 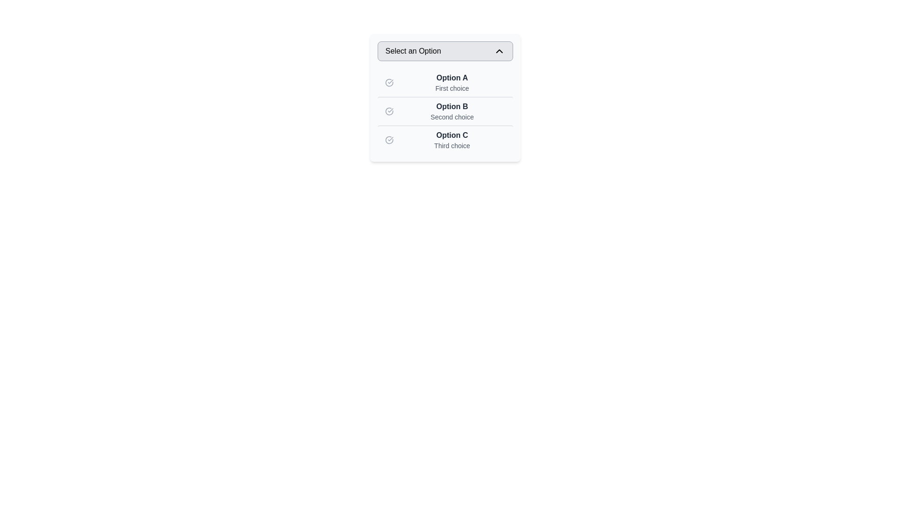 I want to click on the first list item titled 'Option A' with a checkmark icon, so click(x=444, y=82).